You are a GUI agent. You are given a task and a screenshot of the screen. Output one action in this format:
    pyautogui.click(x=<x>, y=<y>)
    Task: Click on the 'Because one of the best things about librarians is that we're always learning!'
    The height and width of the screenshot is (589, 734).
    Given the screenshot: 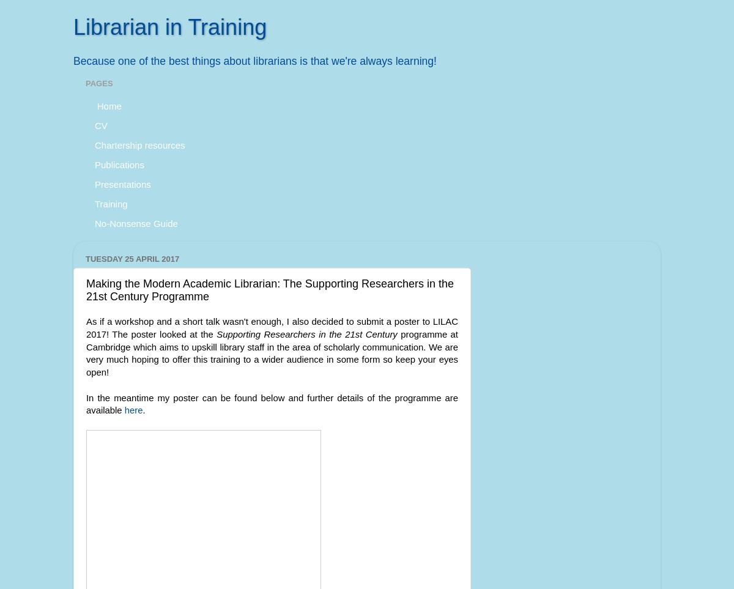 What is the action you would take?
    pyautogui.click(x=254, y=60)
    